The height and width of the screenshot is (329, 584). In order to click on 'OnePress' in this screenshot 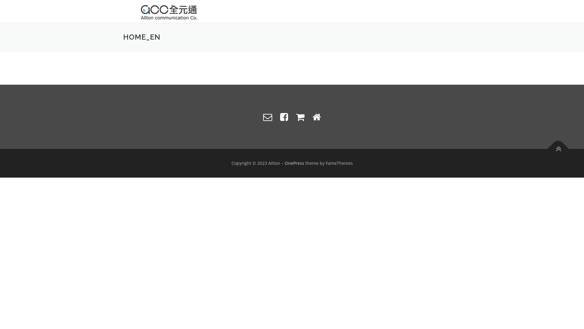, I will do `click(294, 163)`.